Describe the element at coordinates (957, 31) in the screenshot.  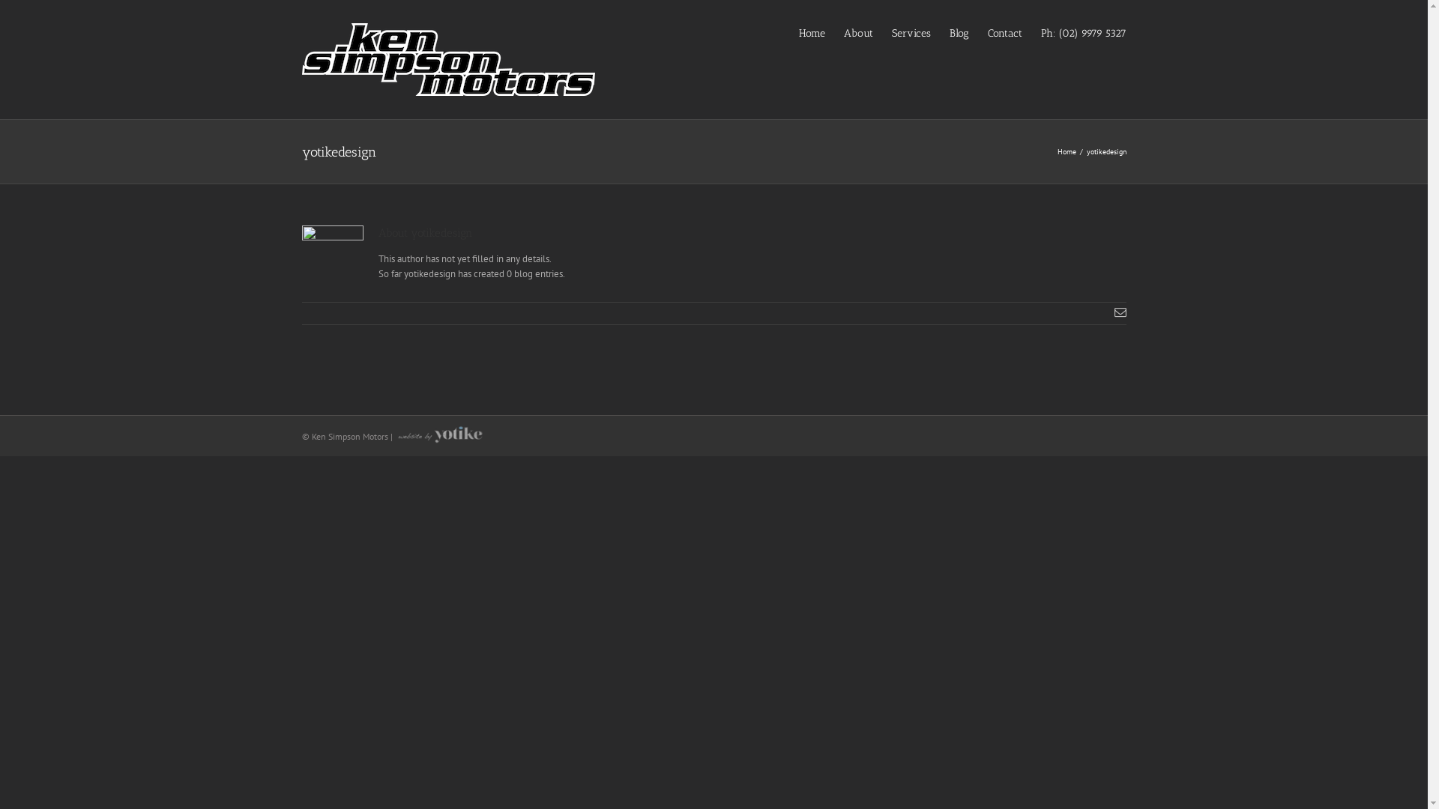
I see `'Blog'` at that location.